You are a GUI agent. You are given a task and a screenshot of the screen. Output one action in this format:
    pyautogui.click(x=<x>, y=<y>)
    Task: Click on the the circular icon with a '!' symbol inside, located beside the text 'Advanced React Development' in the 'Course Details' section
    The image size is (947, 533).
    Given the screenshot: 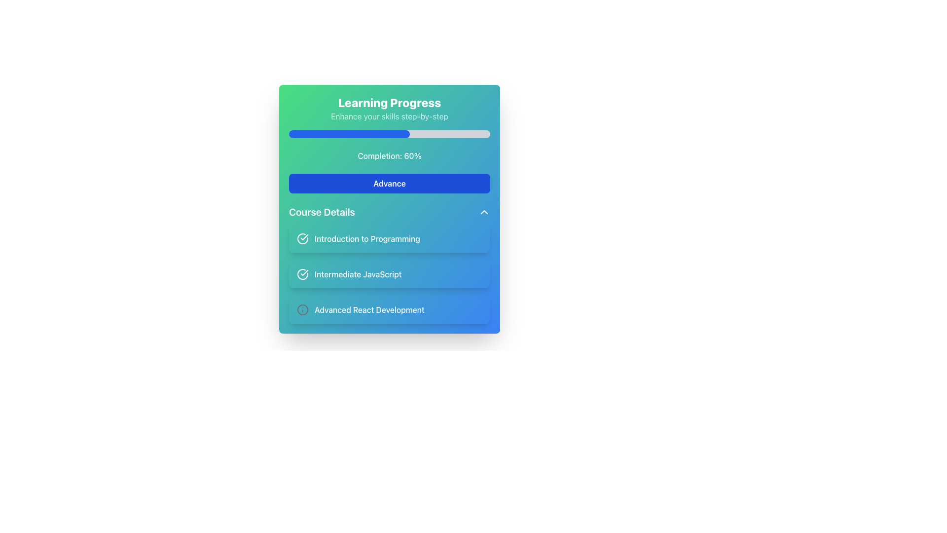 What is the action you would take?
    pyautogui.click(x=302, y=309)
    